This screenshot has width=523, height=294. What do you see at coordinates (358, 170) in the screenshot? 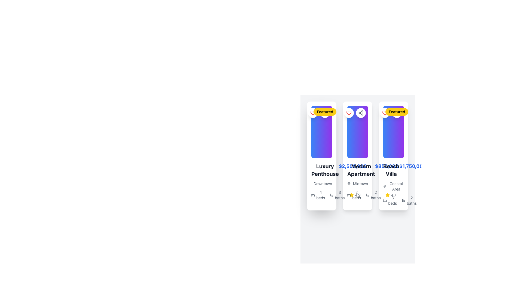
I see `the combined static text display showing the name and price of the property in the second property card from the left` at bounding box center [358, 170].